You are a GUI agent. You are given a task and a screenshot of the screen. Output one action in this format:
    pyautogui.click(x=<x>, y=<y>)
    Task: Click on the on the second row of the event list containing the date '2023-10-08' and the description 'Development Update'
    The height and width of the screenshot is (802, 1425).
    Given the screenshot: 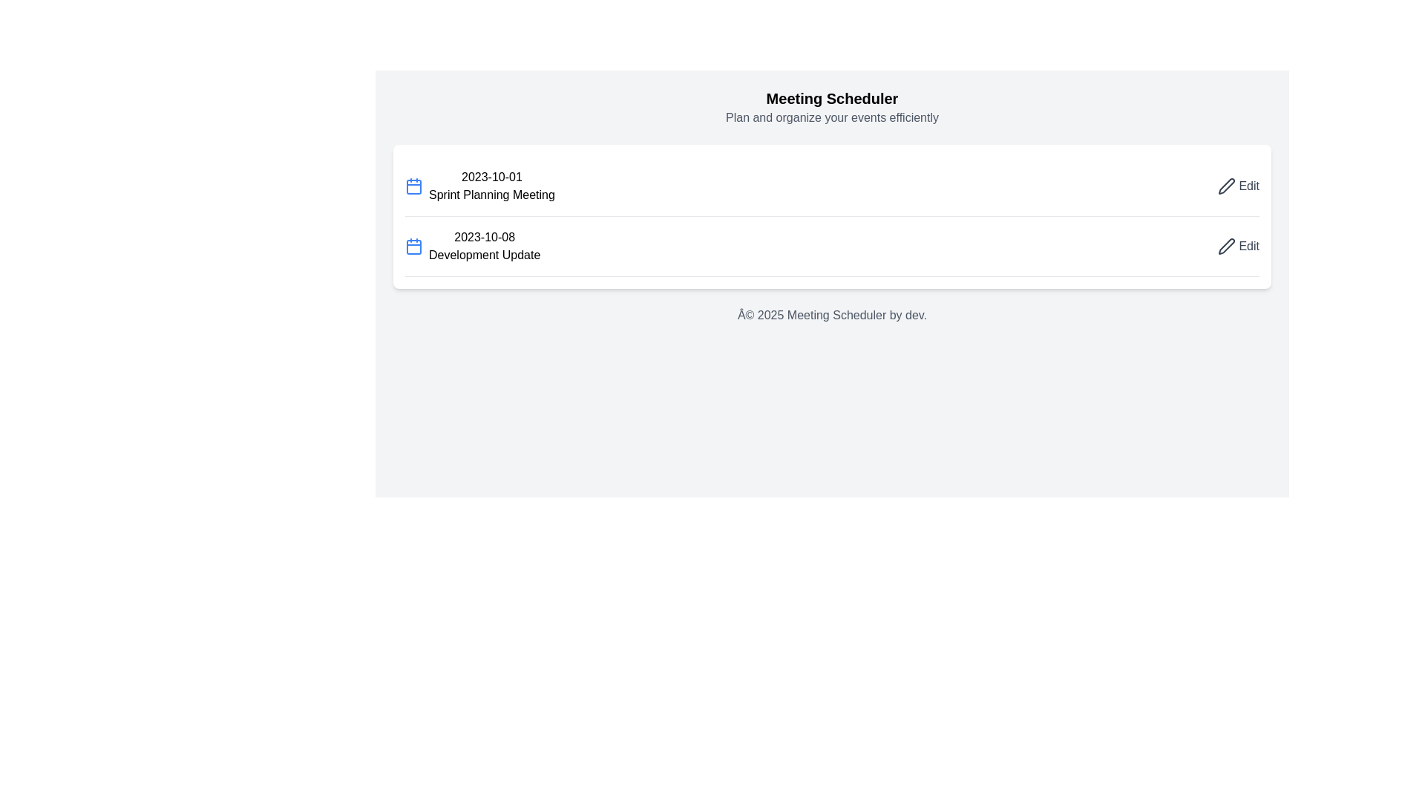 What is the action you would take?
    pyautogui.click(x=832, y=246)
    